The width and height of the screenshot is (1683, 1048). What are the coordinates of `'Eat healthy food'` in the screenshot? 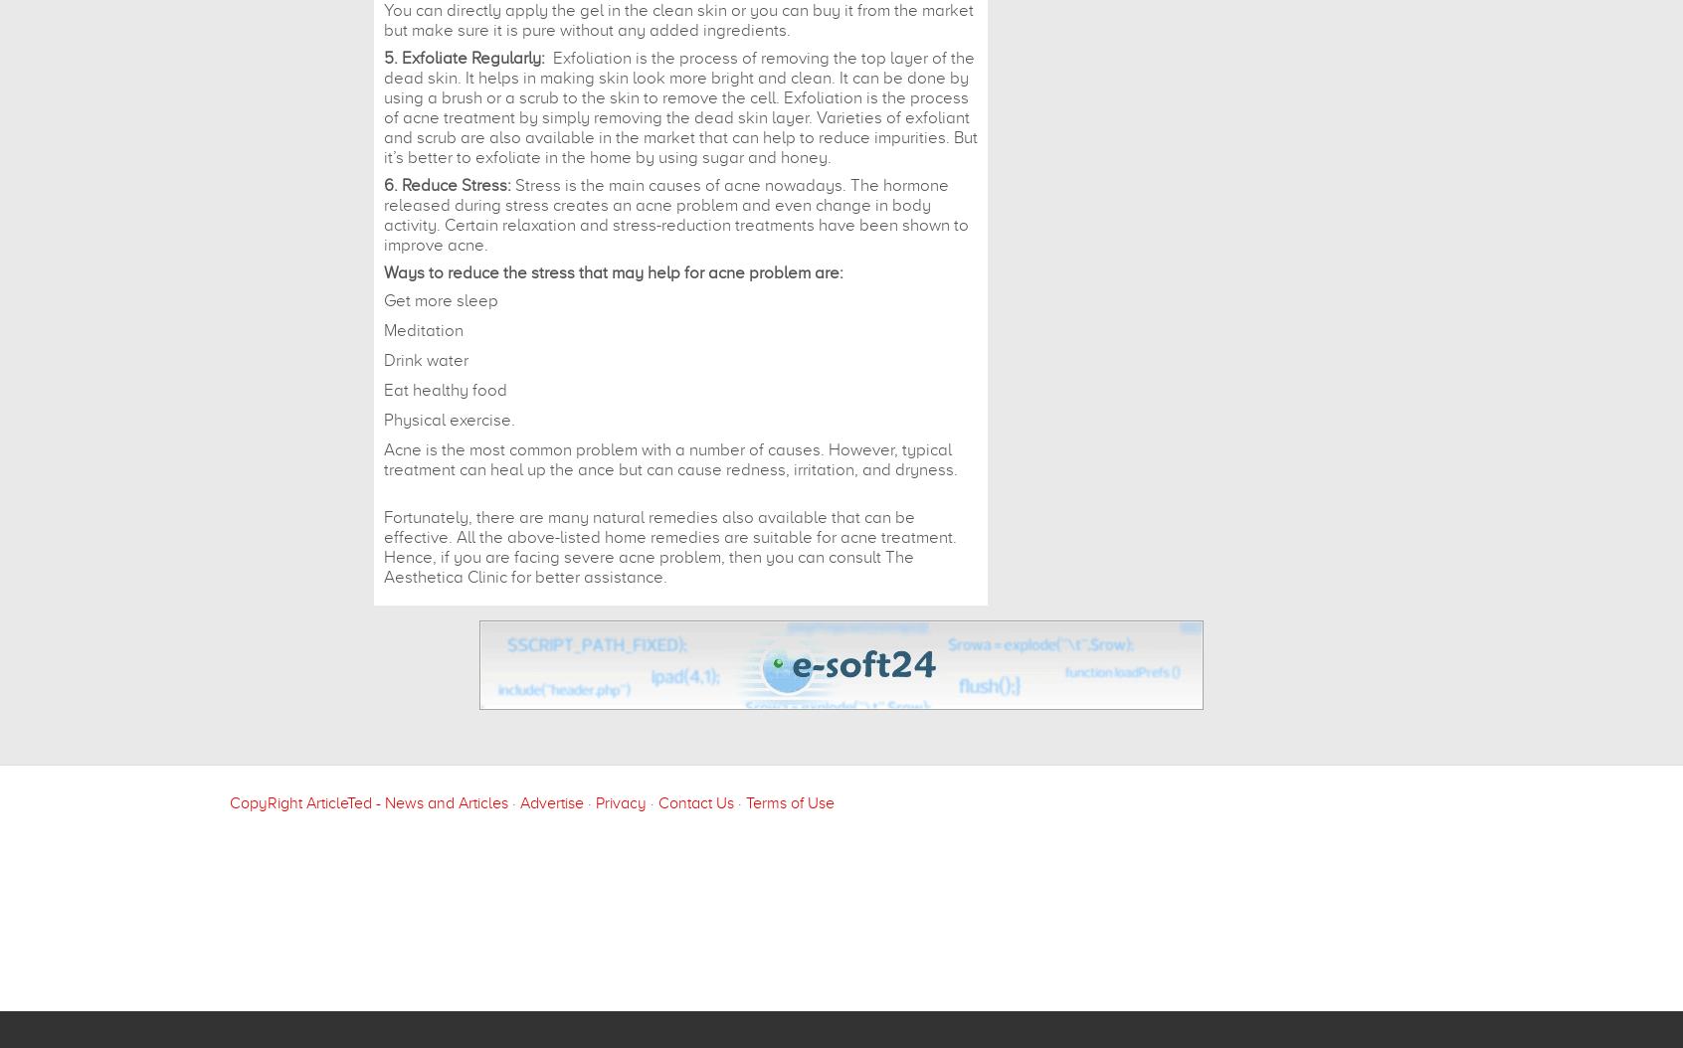 It's located at (448, 389).